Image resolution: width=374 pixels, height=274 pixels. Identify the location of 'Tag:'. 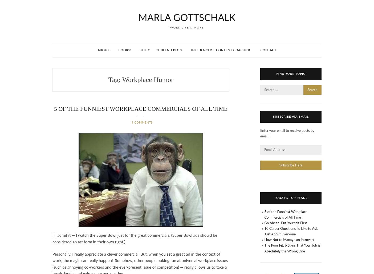
(115, 79).